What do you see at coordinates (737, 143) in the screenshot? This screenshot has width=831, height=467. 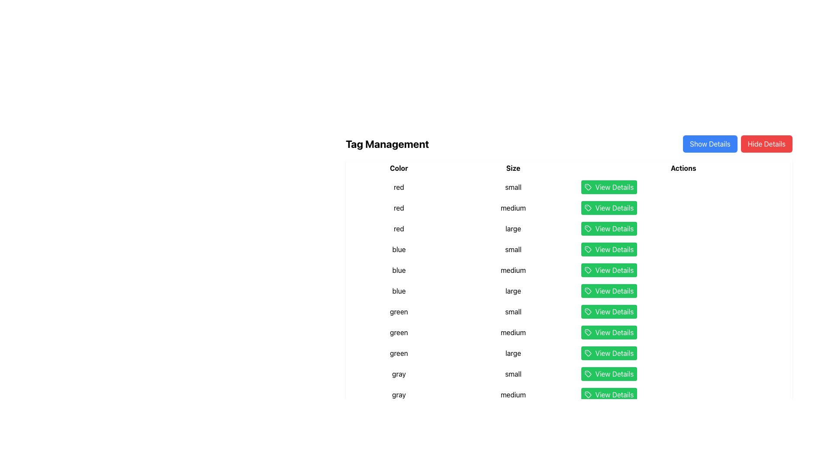 I see `the group of two buttons that toggle the visibility of details in the 'Tag Management' block, located in the top-right section of the block, with 'Show Details' on the left and 'Hide Details' on the right` at bounding box center [737, 143].